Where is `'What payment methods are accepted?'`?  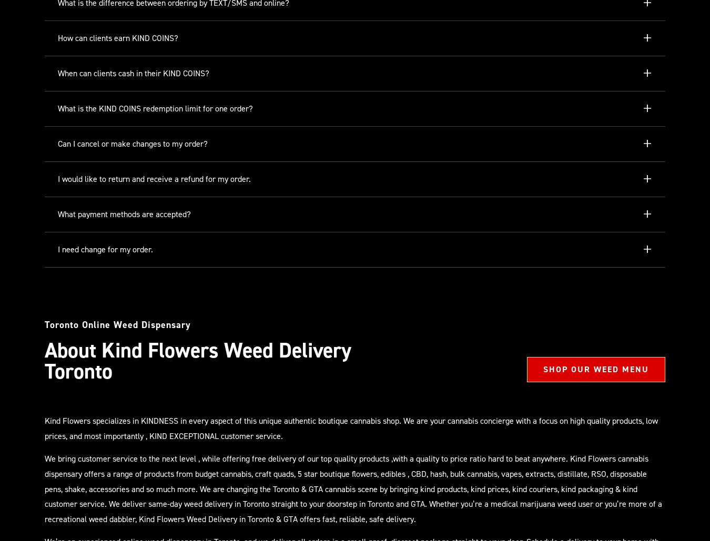
'What payment methods are accepted?' is located at coordinates (124, 213).